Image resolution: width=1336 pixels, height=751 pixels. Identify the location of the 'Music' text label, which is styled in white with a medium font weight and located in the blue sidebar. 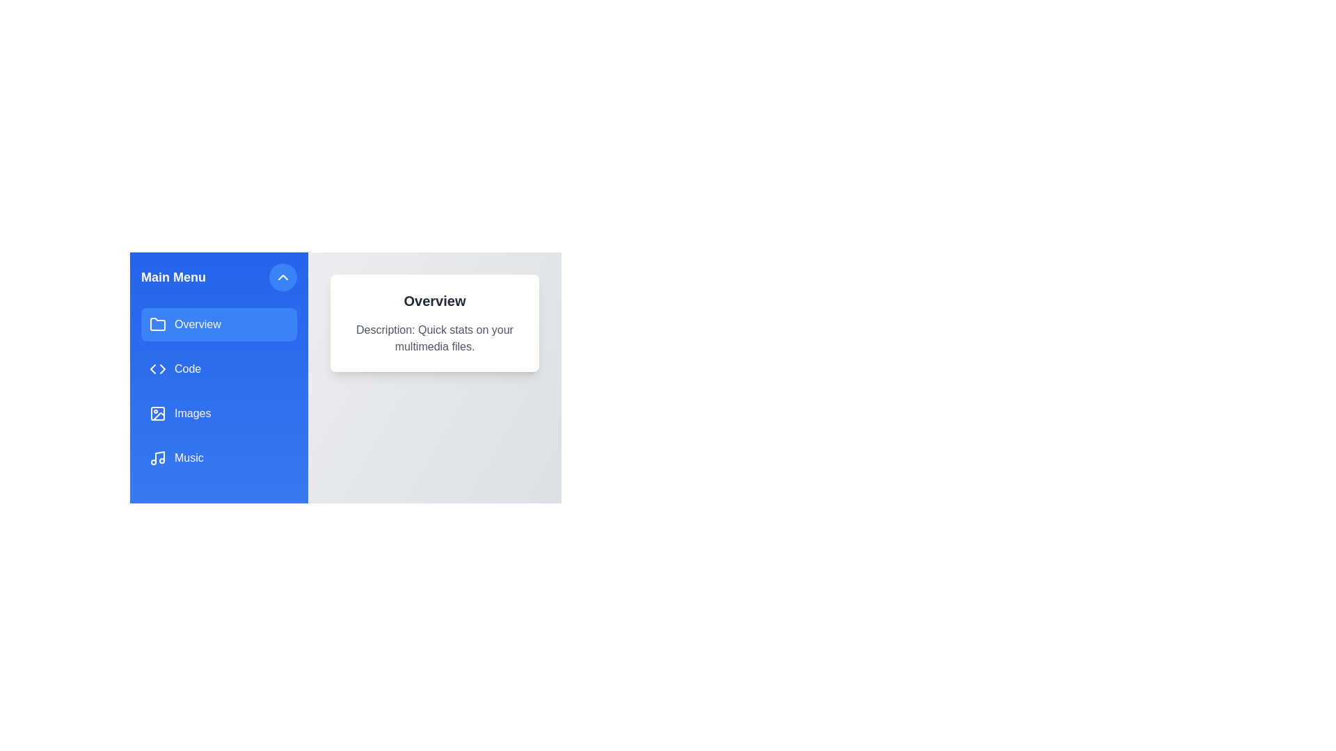
(188, 458).